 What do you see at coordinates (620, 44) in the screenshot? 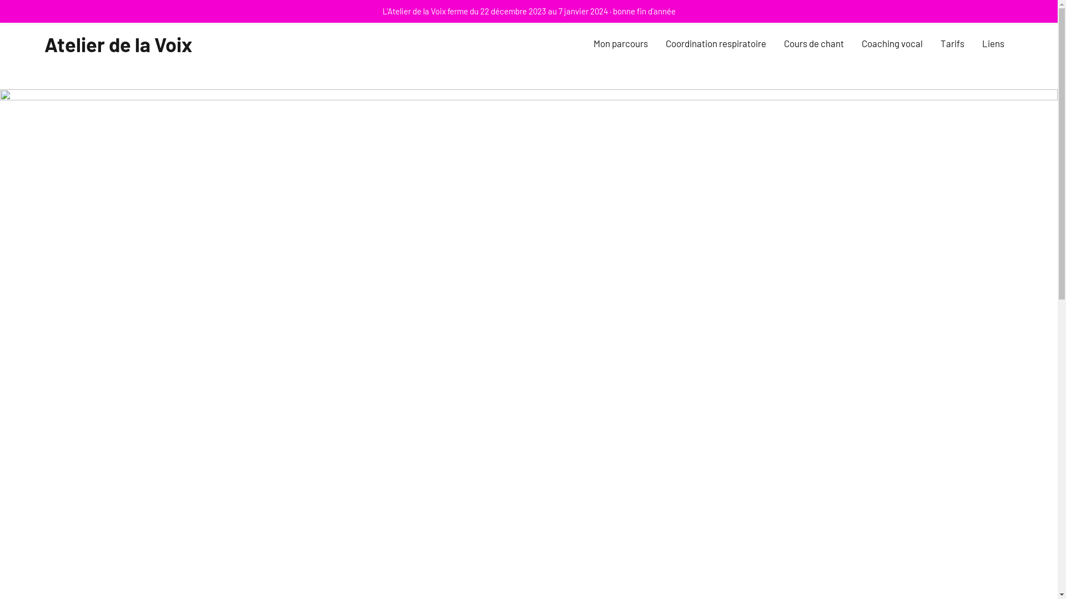
I see `'Mon parcours'` at bounding box center [620, 44].